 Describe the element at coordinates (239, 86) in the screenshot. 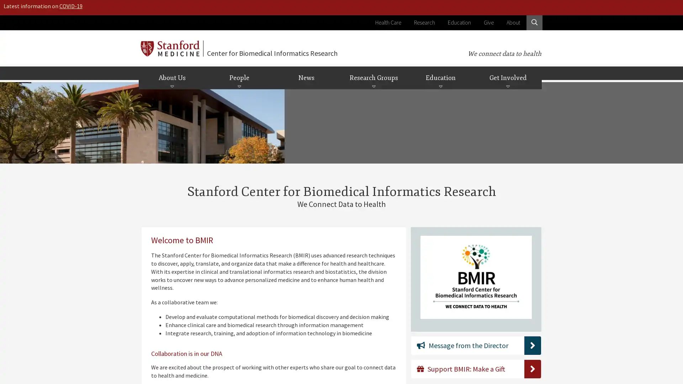

I see `open` at that location.